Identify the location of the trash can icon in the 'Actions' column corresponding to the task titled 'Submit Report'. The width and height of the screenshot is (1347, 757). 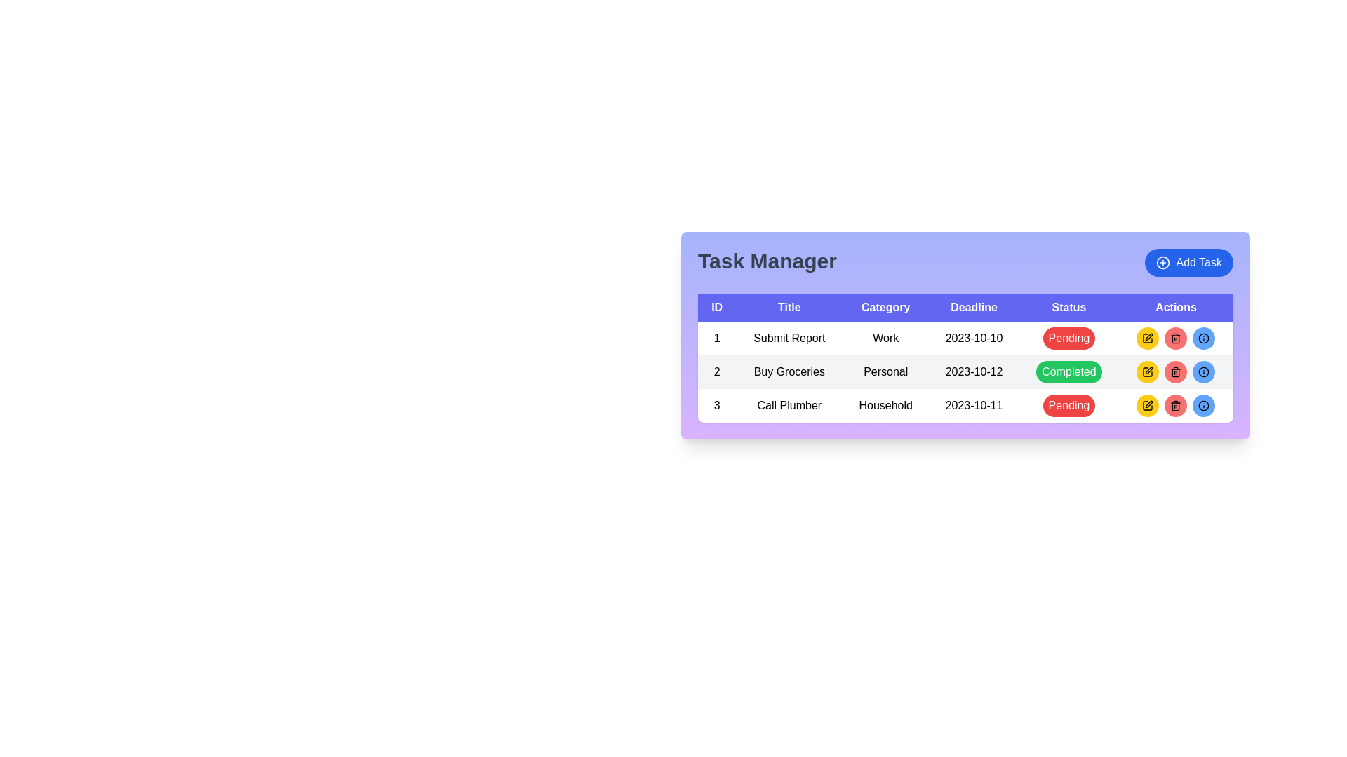
(1176, 371).